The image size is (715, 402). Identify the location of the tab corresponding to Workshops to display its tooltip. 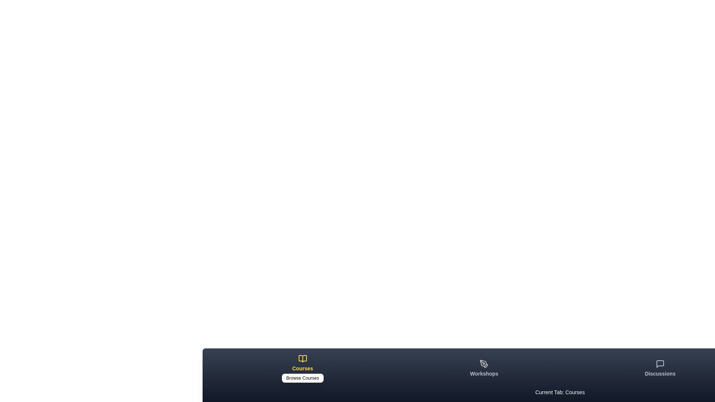
(484, 368).